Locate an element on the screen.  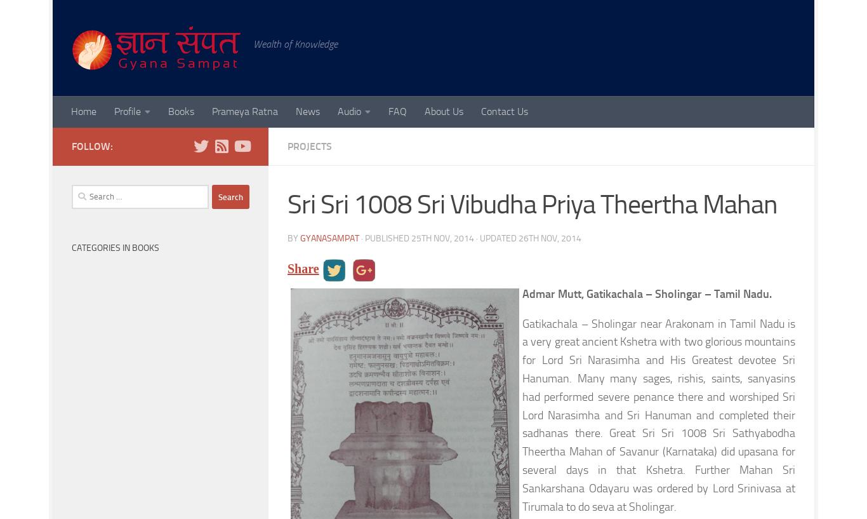
'· Updated' is located at coordinates (496, 237).